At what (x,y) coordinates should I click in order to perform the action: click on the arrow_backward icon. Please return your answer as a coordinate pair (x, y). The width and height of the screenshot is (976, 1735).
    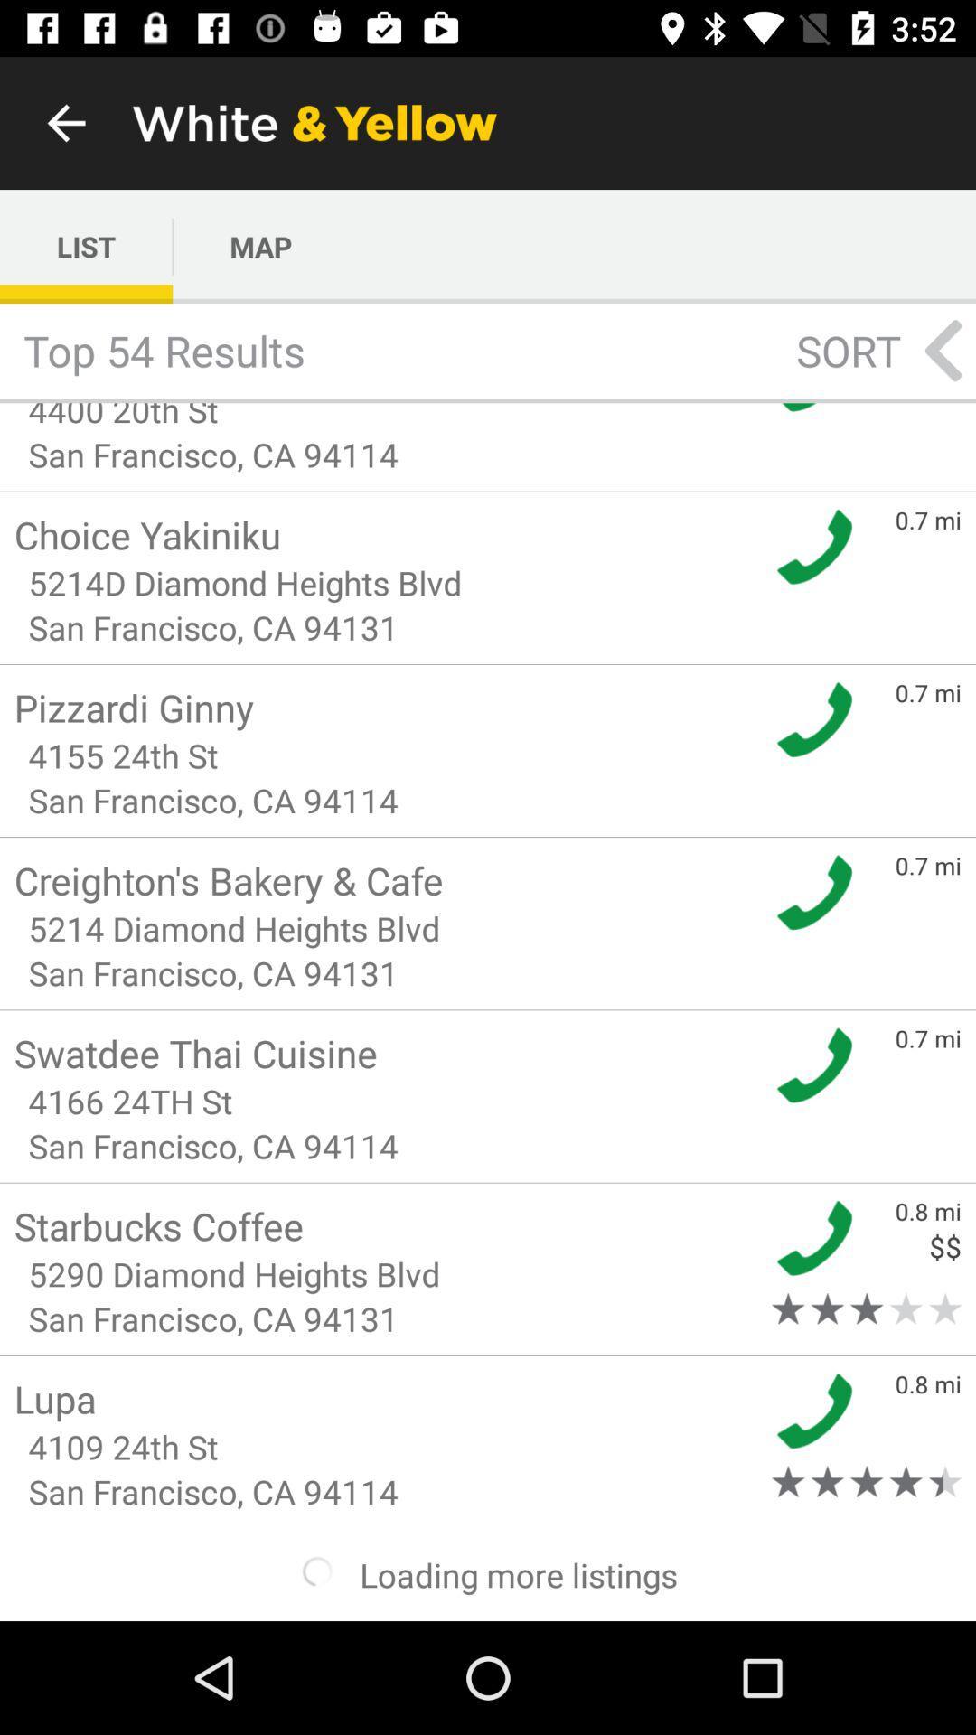
    Looking at the image, I should click on (943, 351).